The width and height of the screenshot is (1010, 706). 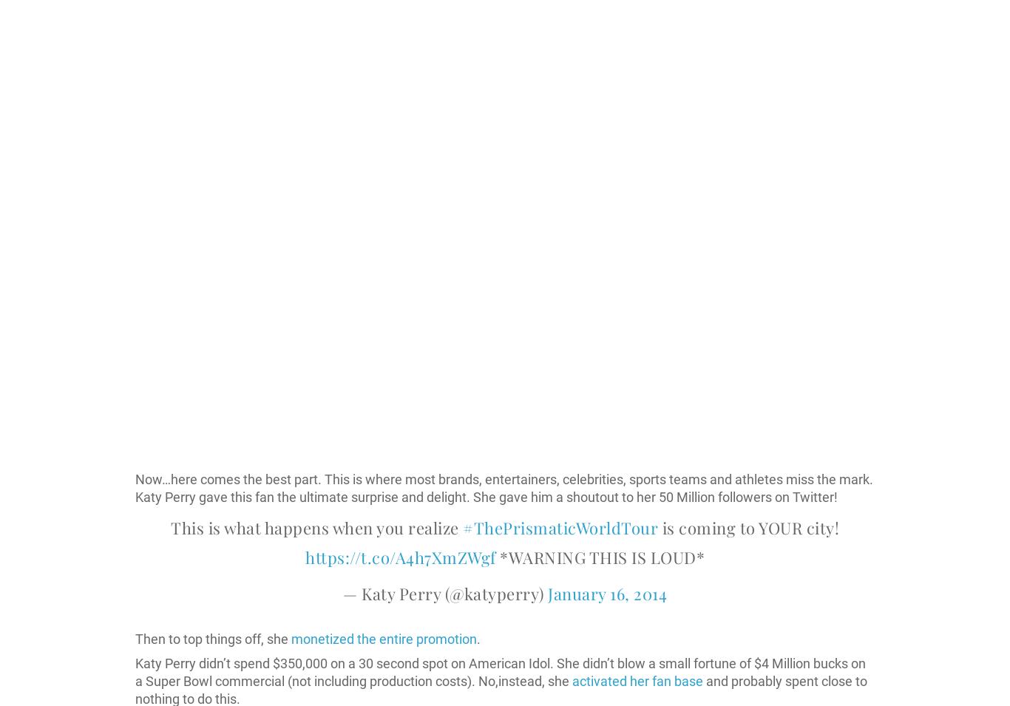 I want to click on 'is coming to YOUR city!', so click(x=748, y=526).